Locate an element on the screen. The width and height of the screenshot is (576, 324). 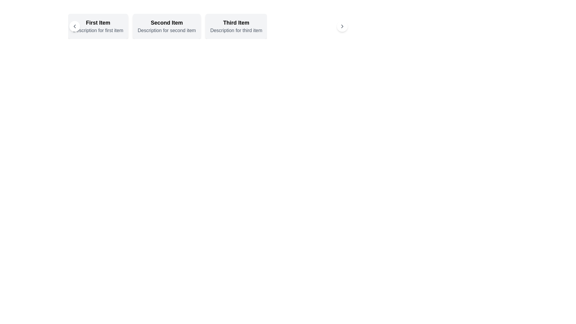
the text snippet reading 'Description for second item', which is styled in gray and located directly below the bold text 'Second Item' within the second card from the left is located at coordinates (167, 30).